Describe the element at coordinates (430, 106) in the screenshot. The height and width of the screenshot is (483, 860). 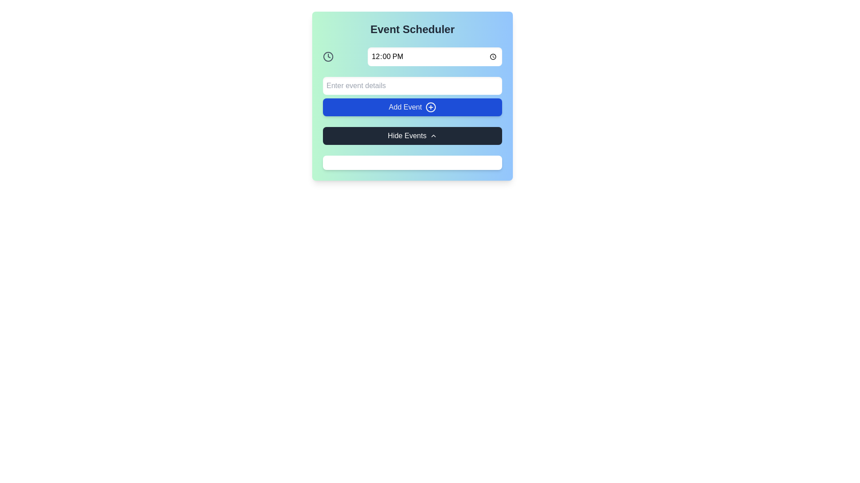
I see `the 'Add Event' icon` at that location.